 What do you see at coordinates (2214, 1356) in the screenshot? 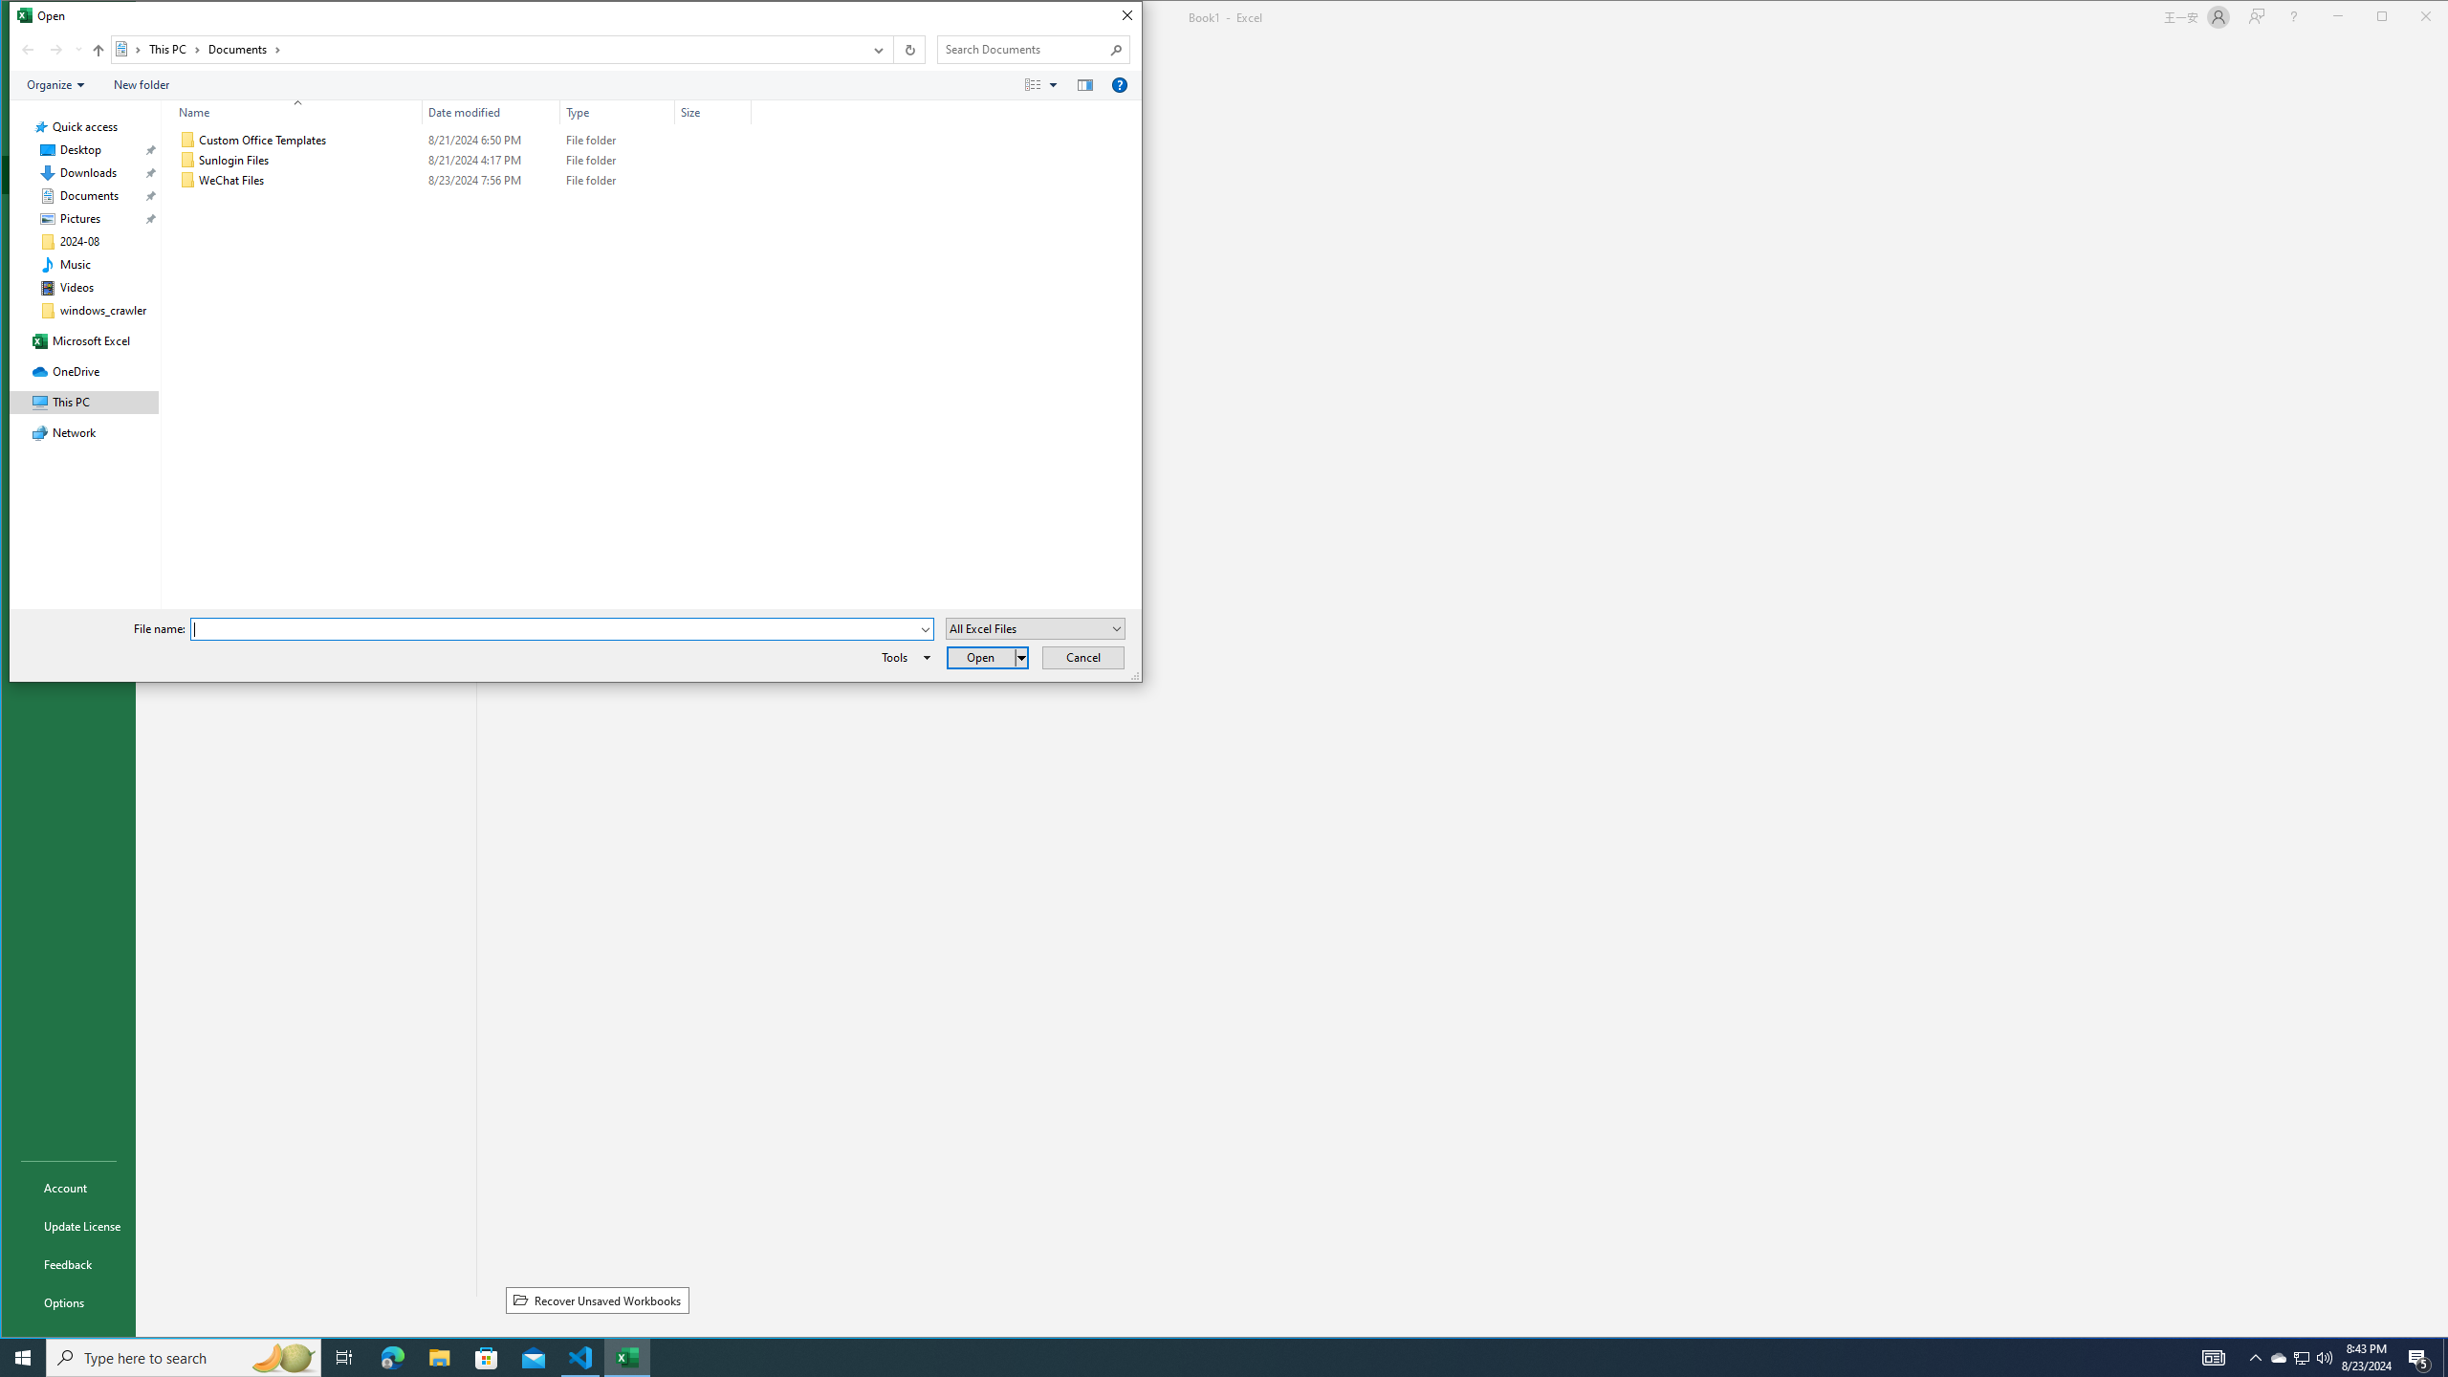
I see `'AutomationID: 4105'` at bounding box center [2214, 1356].